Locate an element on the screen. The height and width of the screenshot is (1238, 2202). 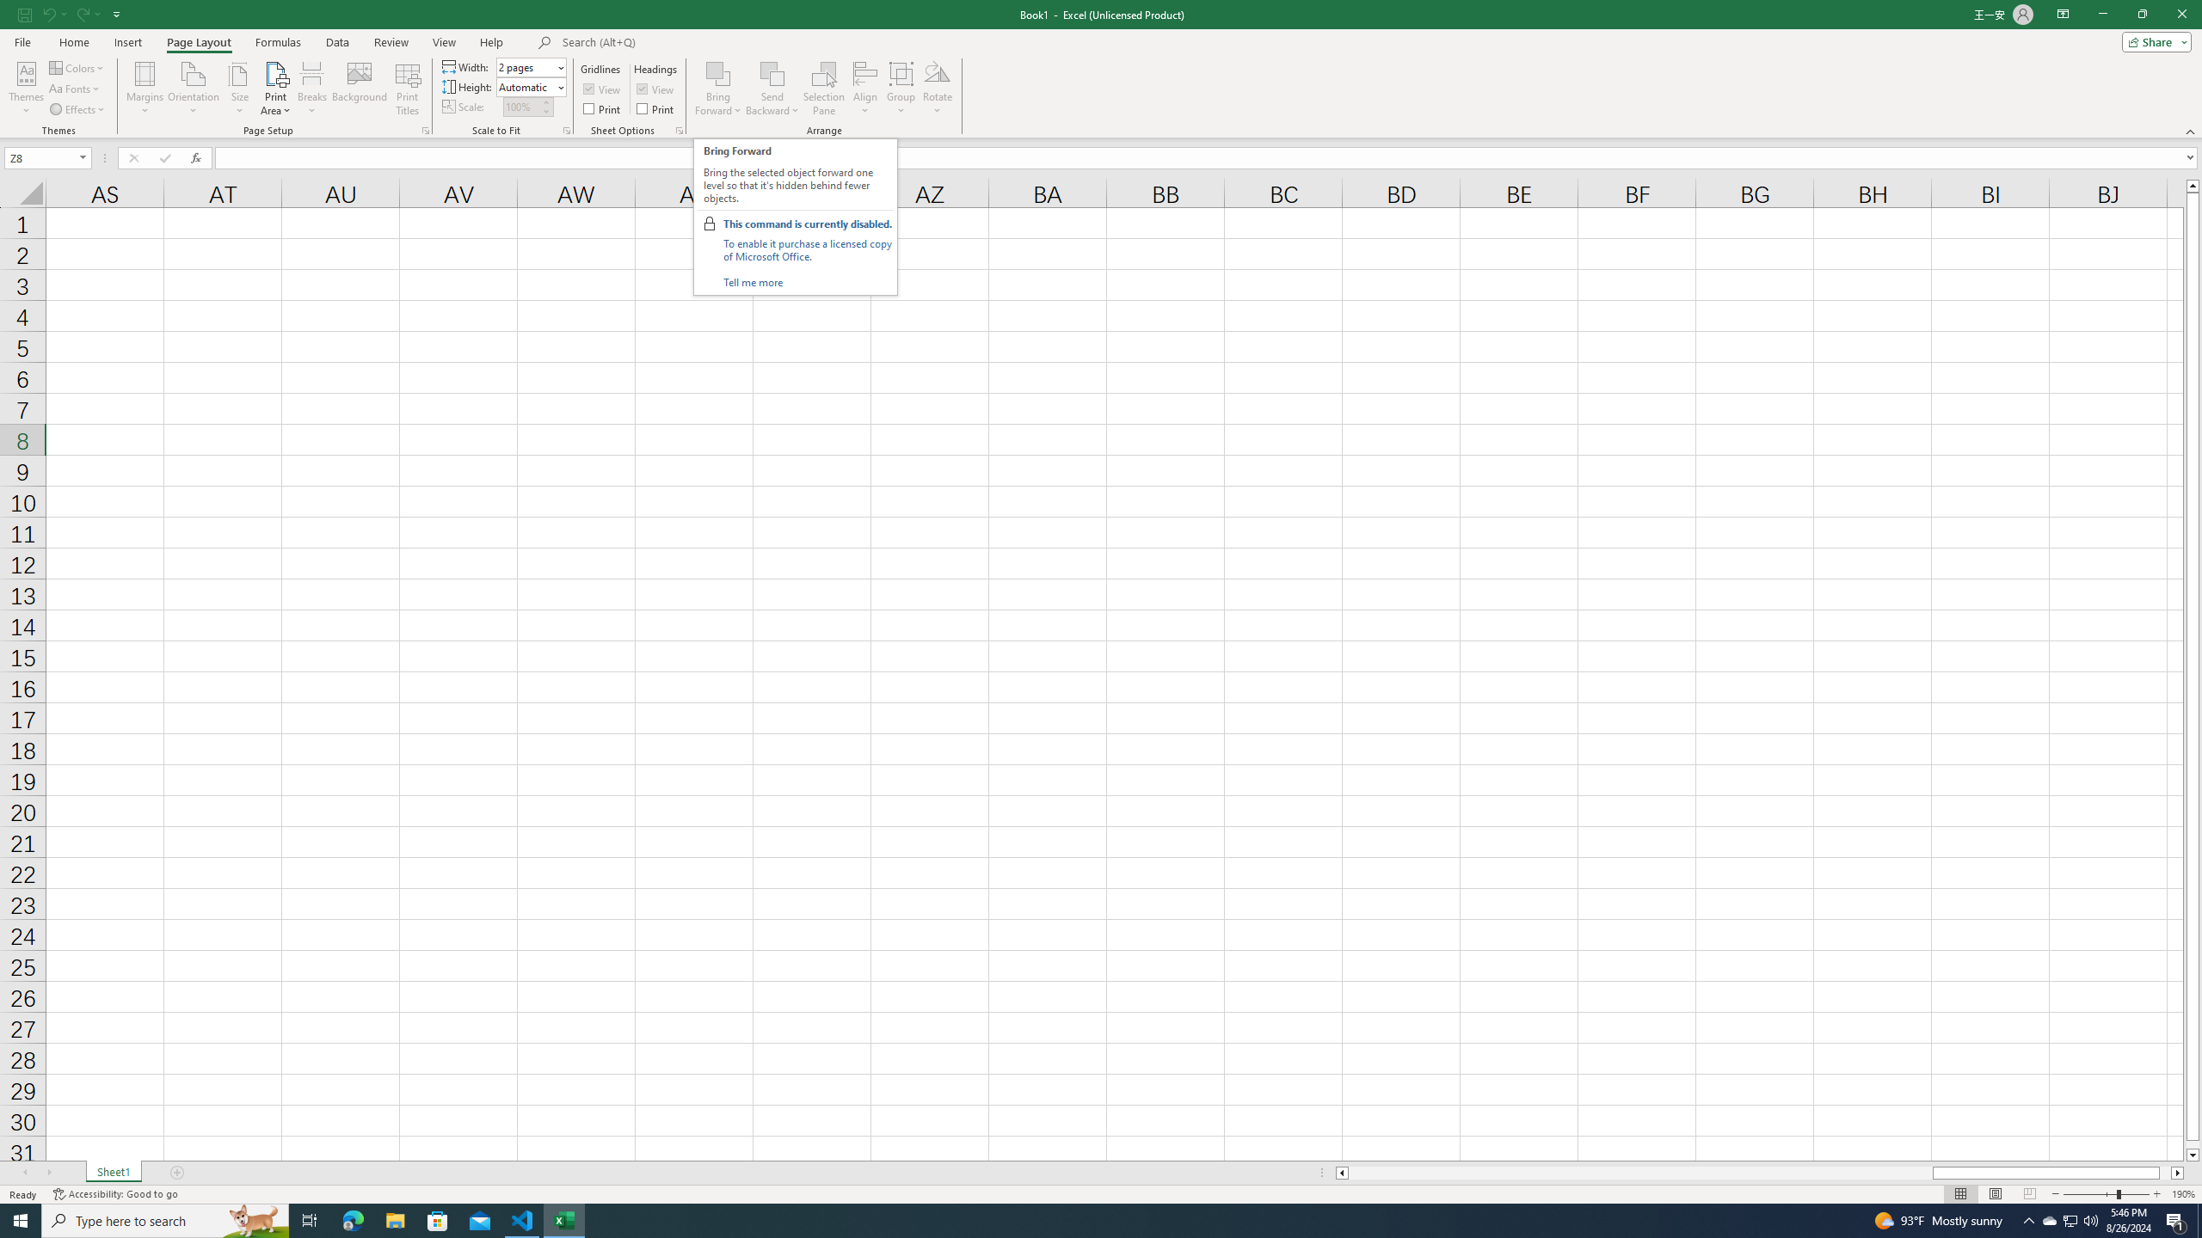
'Height' is located at coordinates (526, 86).